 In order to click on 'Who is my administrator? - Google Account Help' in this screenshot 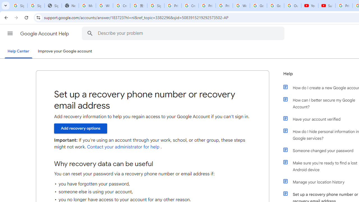, I will do `click(104, 6)`.